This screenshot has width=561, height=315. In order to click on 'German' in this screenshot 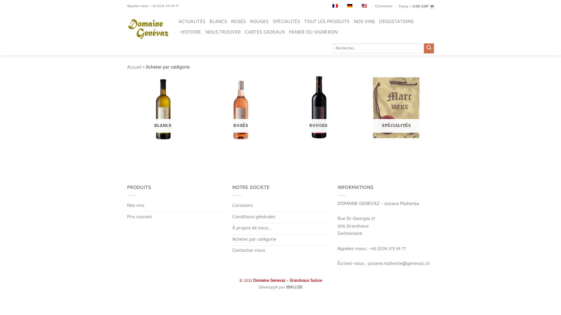, I will do `click(349, 6)`.